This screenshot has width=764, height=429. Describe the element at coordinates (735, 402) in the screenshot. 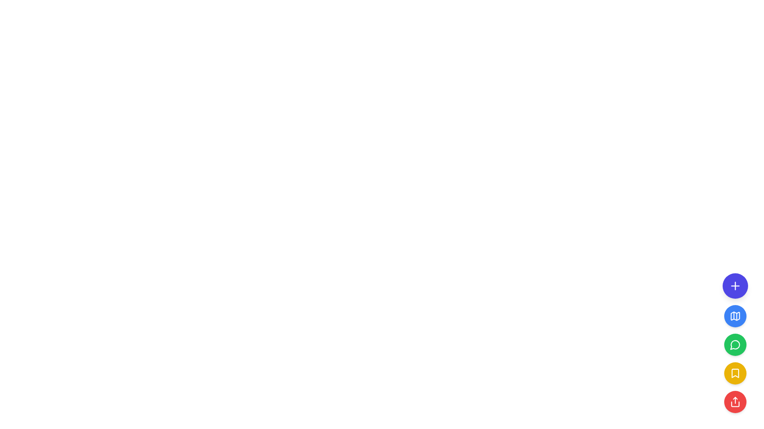

I see `the share icon inside the red circular button located at the bottom of the vertical button group to initiate a share action` at that location.